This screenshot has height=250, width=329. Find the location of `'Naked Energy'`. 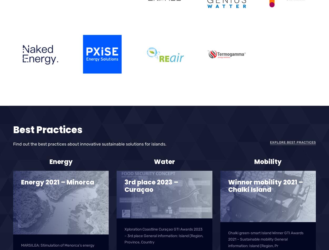

'Naked Energy' is located at coordinates (35, 55).